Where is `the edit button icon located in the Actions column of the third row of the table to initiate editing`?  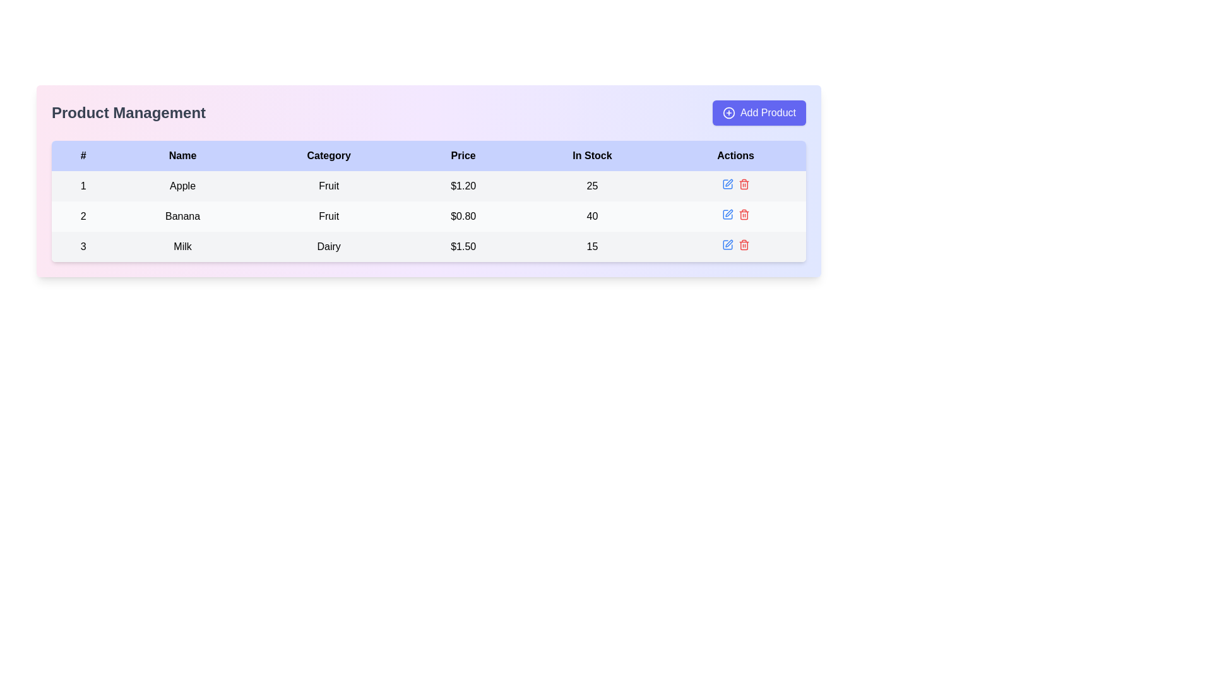
the edit button icon located in the Actions column of the third row of the table to initiate editing is located at coordinates (727, 245).